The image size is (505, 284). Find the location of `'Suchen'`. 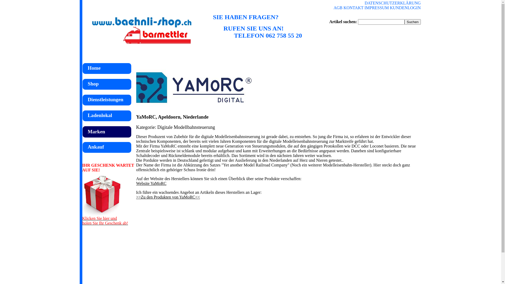

'Suchen' is located at coordinates (412, 22).